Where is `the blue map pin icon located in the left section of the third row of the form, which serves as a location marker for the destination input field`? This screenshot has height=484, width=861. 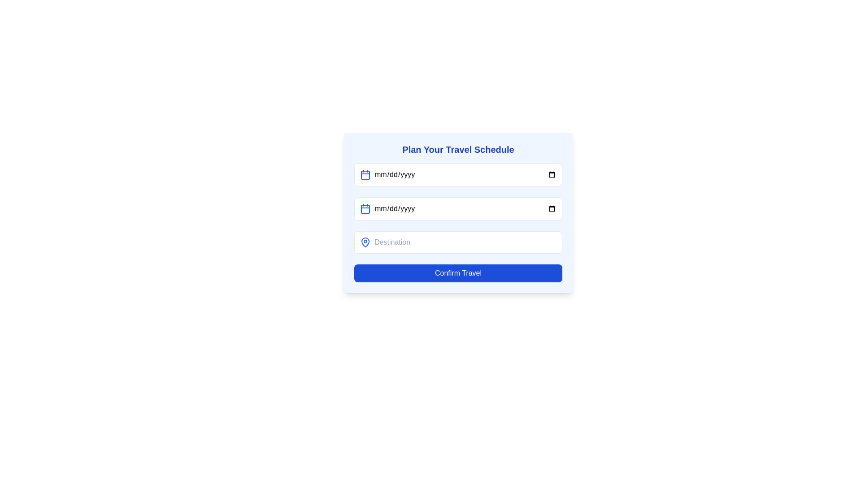 the blue map pin icon located in the left section of the third row of the form, which serves as a location marker for the destination input field is located at coordinates (365, 242).